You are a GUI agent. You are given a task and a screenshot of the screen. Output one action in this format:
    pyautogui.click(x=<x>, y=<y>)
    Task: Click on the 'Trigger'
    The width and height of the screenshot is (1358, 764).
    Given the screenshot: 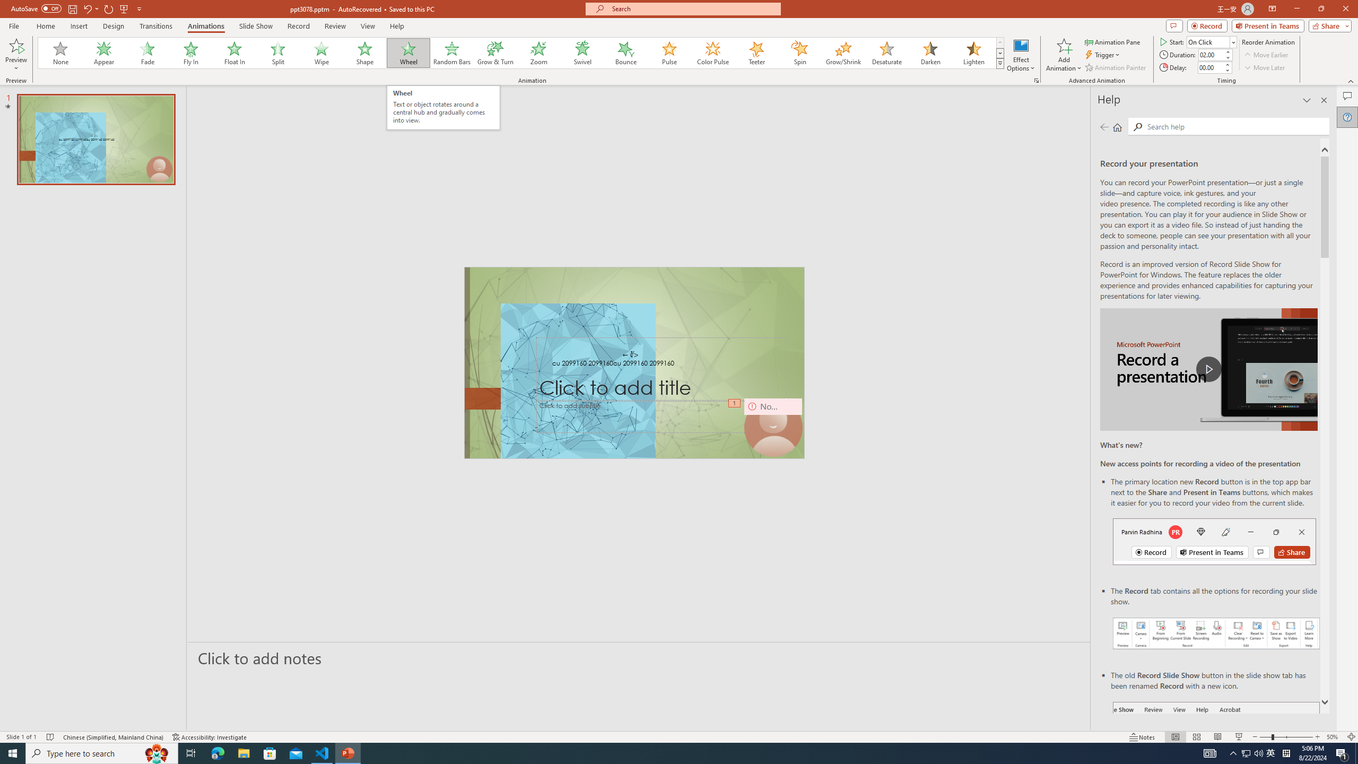 What is the action you would take?
    pyautogui.click(x=1103, y=55)
    